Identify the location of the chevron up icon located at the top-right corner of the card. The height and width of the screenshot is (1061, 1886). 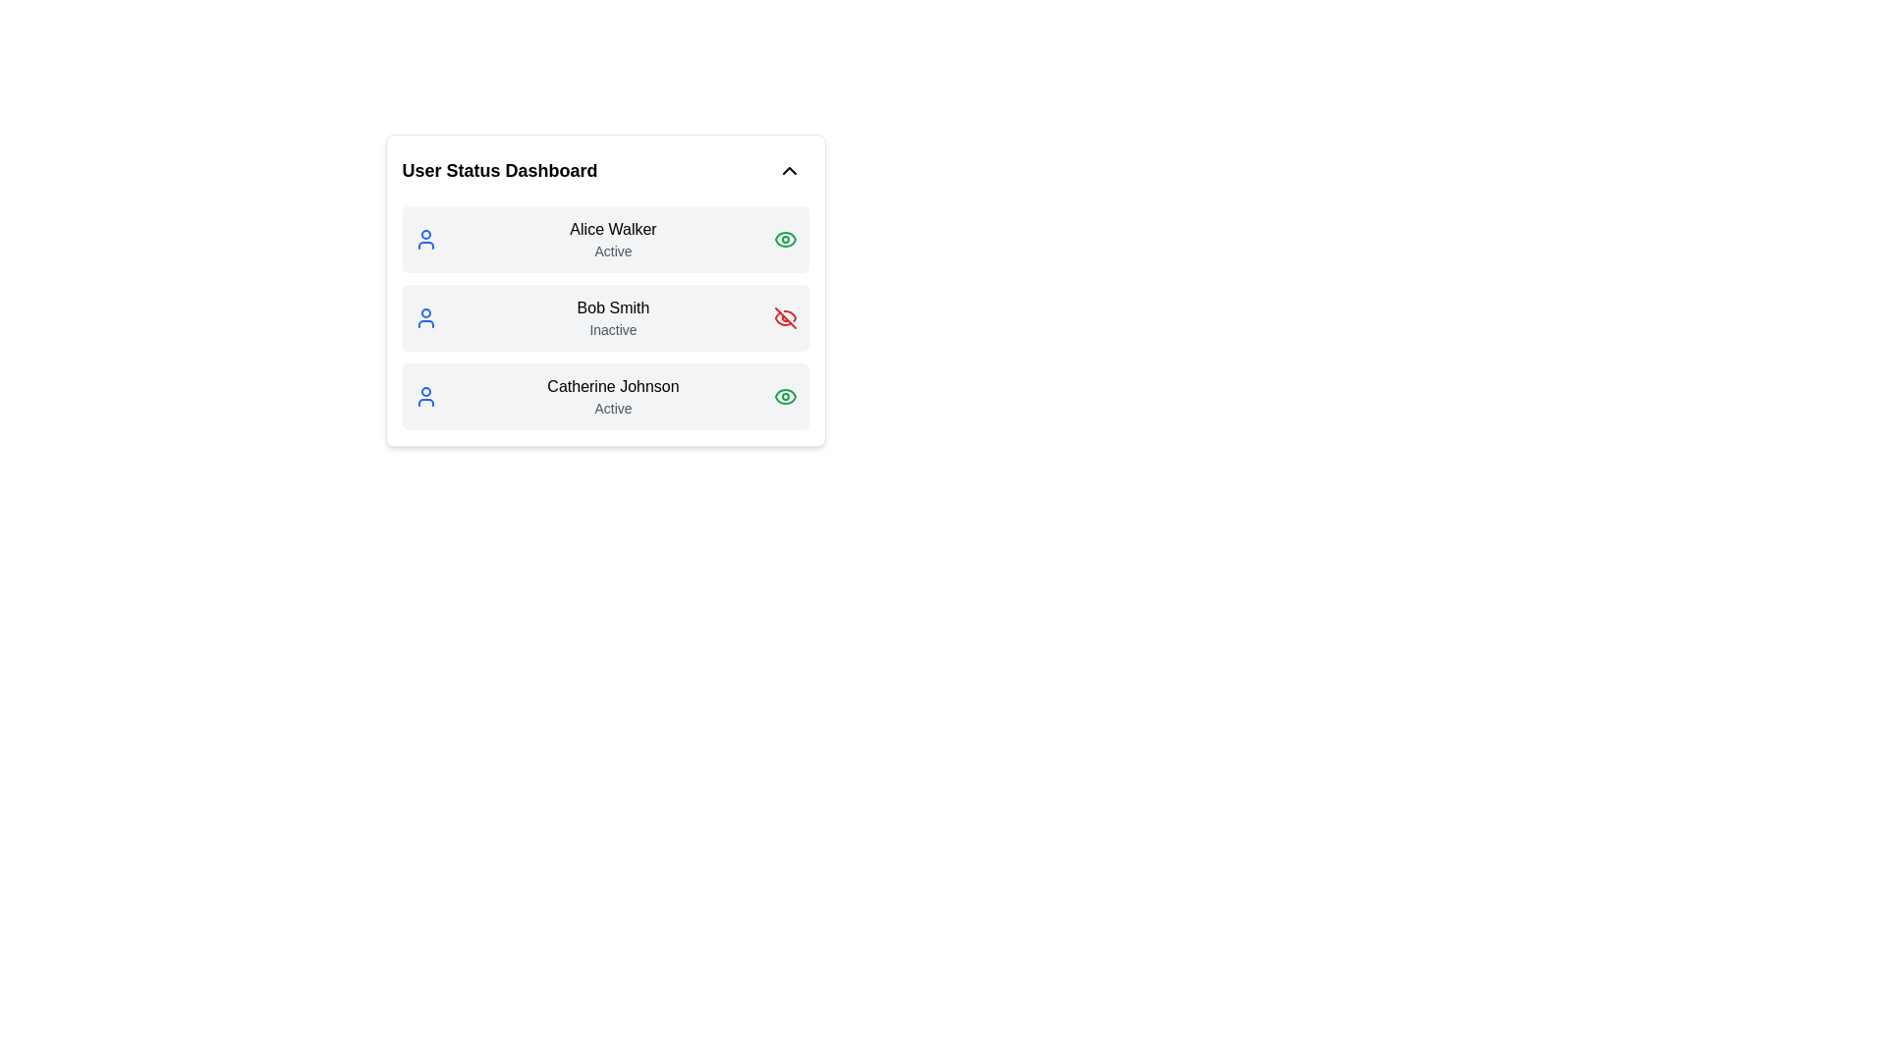
(789, 169).